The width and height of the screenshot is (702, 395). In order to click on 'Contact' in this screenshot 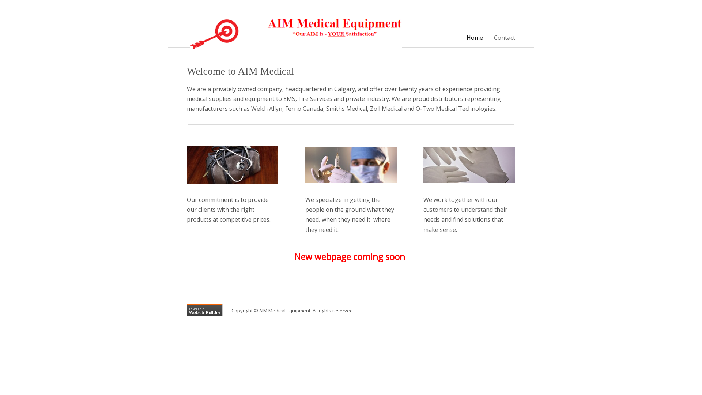, I will do `click(504, 38)`.